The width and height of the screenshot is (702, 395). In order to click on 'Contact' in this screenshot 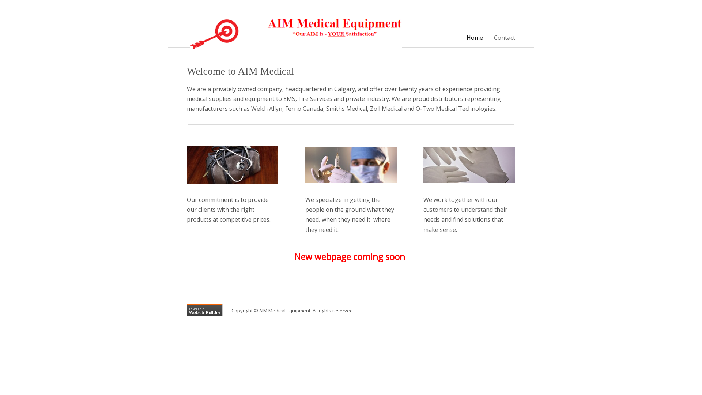, I will do `click(504, 38)`.